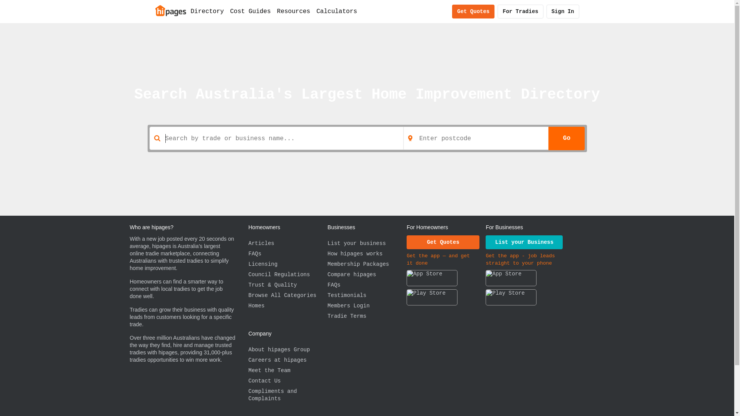 Image resolution: width=740 pixels, height=416 pixels. I want to click on 'Membership Packages', so click(367, 264).